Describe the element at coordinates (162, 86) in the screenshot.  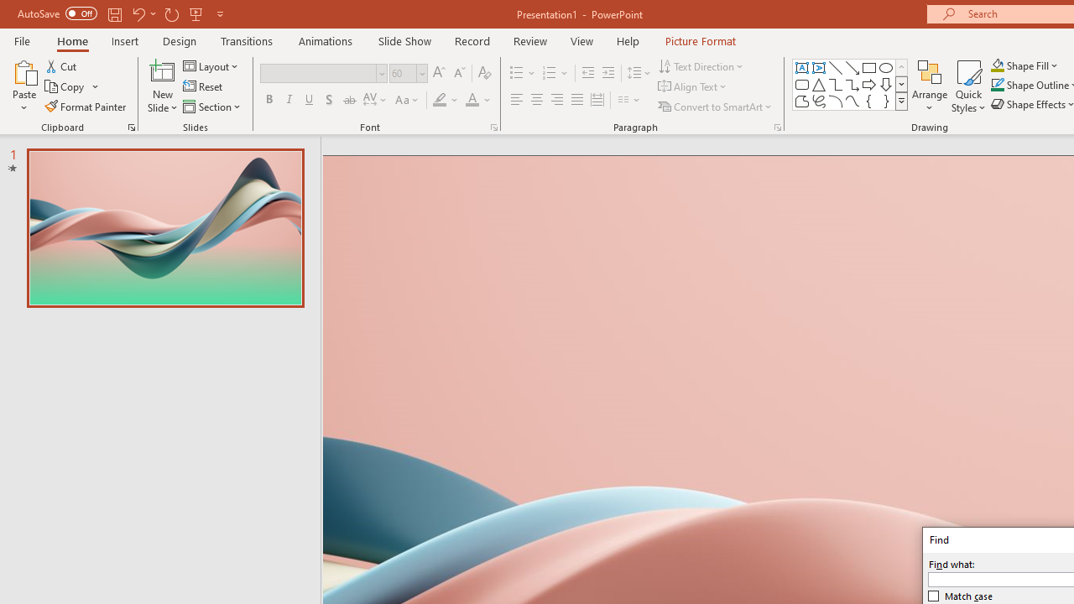
I see `'New Slide'` at that location.